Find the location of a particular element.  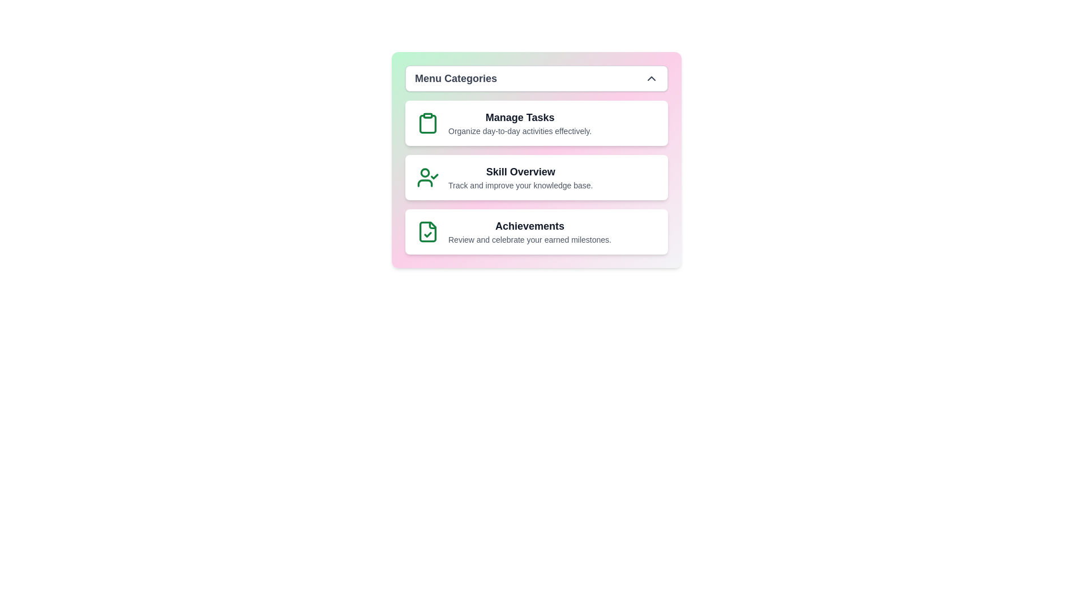

the category card for Manage Tasks is located at coordinates (536, 123).